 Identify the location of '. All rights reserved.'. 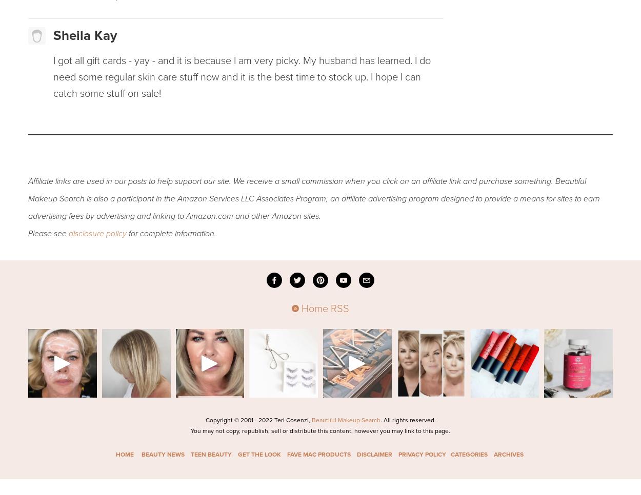
(408, 419).